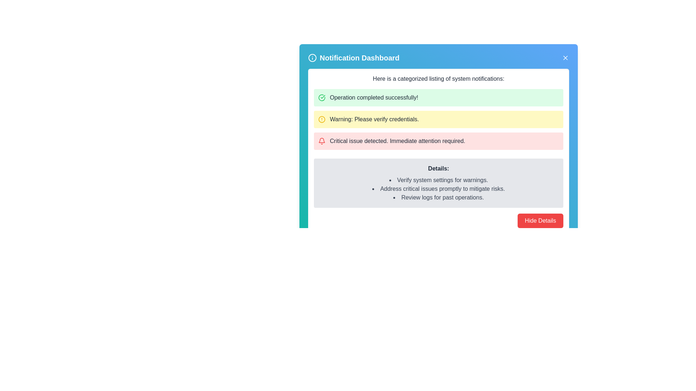 Image resolution: width=696 pixels, height=391 pixels. I want to click on the warning notification text label in the Notification Dashboard that prompts verification of credentials, located between a green success notification and a red critical error notification, so click(374, 119).